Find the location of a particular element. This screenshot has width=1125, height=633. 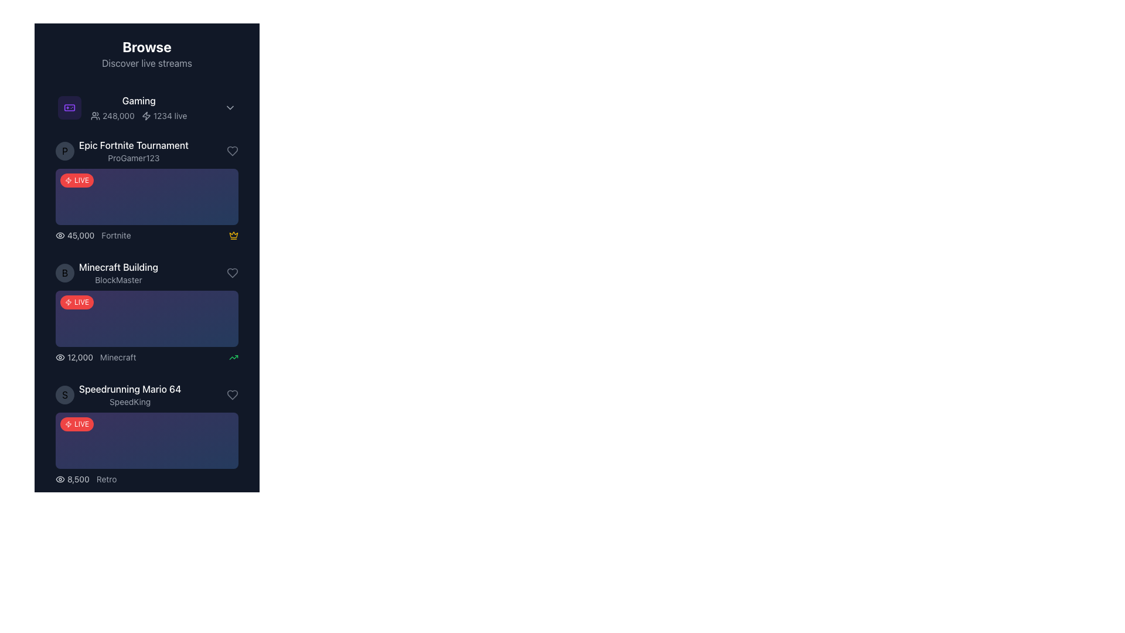

the Highlight block labeled 'Epic Fortnite Tournament' is located at coordinates (146, 196).